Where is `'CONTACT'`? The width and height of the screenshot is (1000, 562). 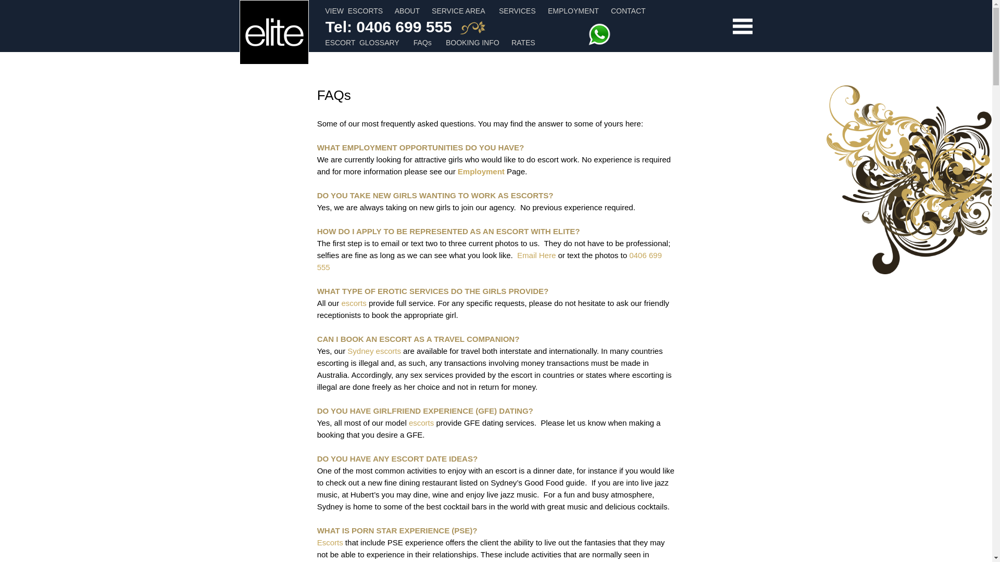
'CONTACT' is located at coordinates (628, 10).